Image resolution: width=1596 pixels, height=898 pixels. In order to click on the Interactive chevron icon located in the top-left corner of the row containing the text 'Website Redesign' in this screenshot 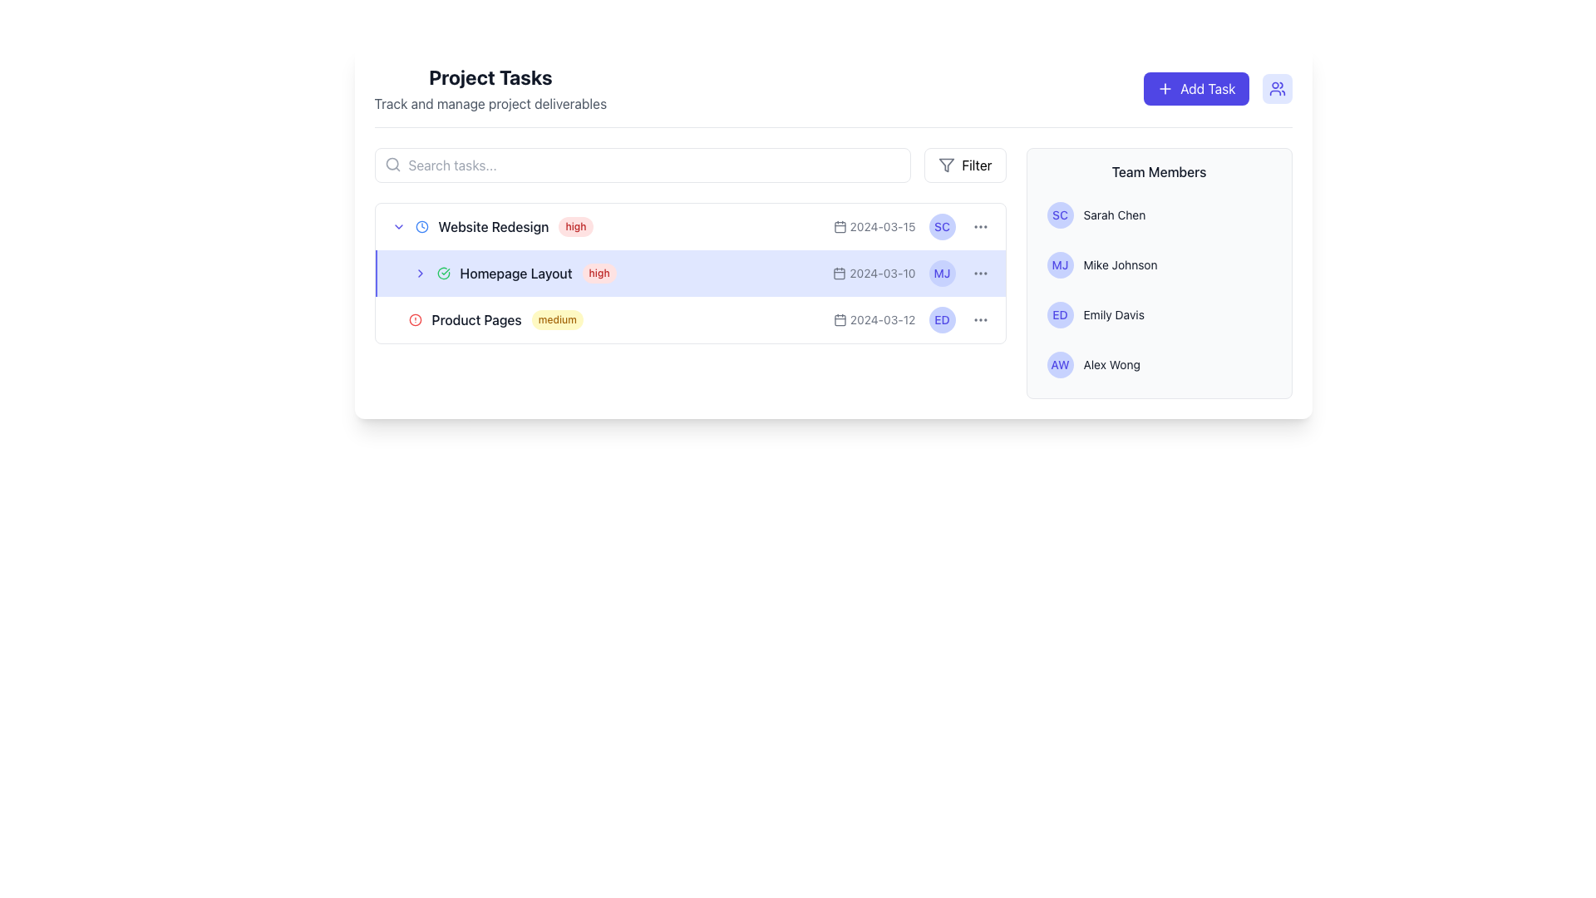, I will do `click(397, 227)`.